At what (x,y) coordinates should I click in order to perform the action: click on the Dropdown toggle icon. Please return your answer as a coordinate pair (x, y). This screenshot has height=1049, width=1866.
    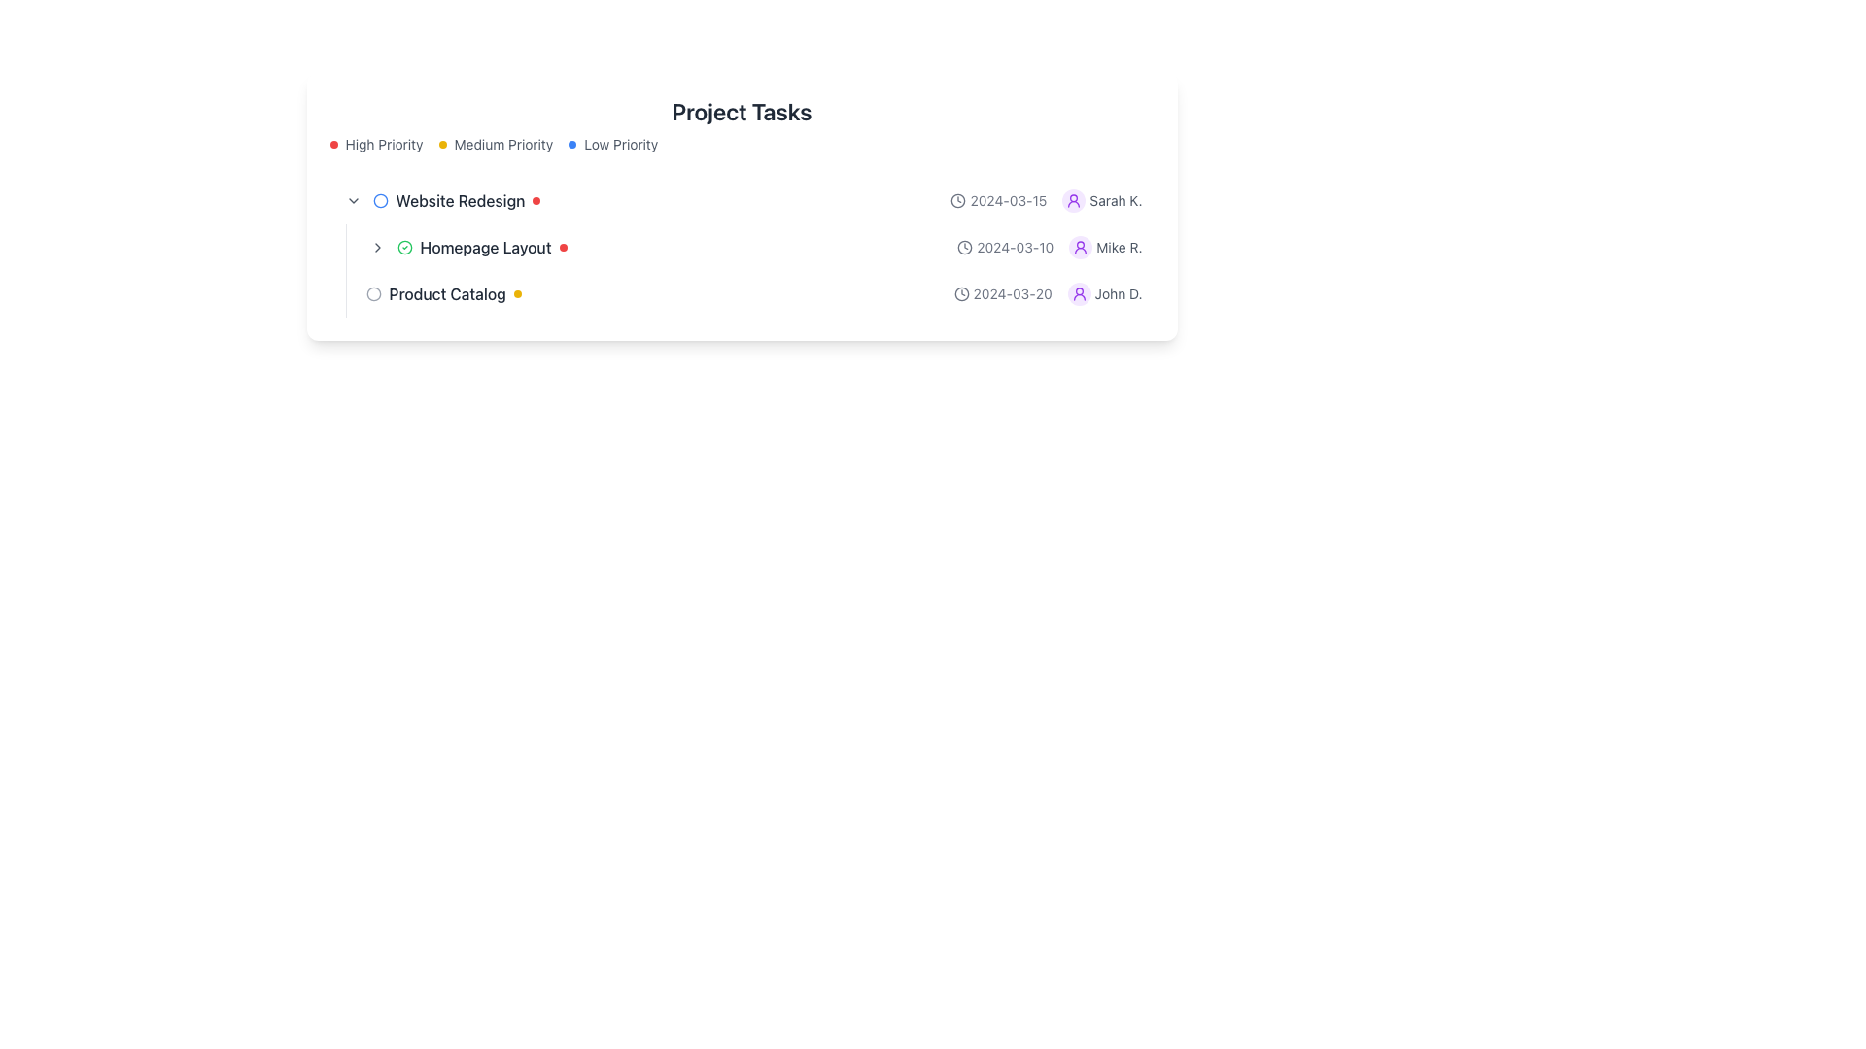
    Looking at the image, I should click on (353, 201).